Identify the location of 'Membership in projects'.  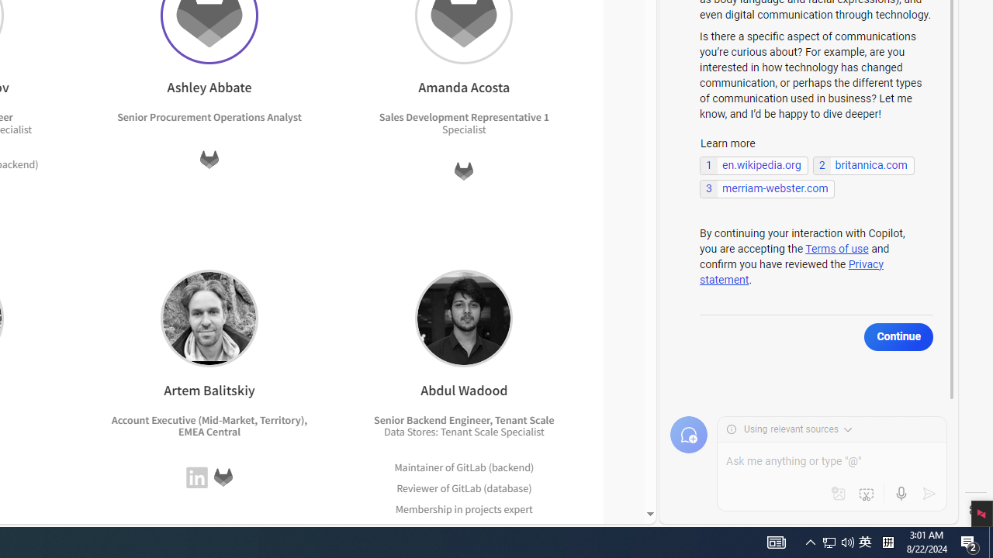
(447, 508).